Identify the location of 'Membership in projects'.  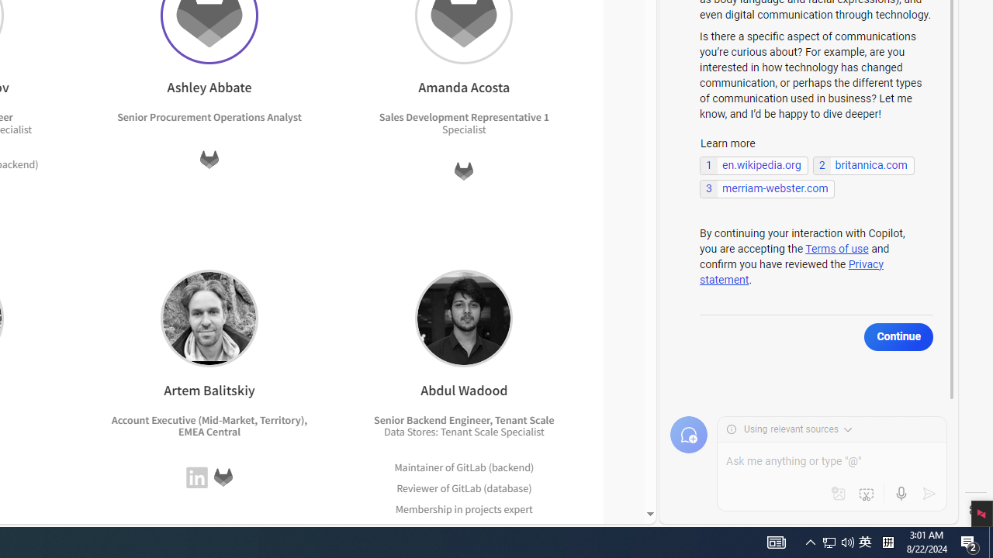
(447, 508).